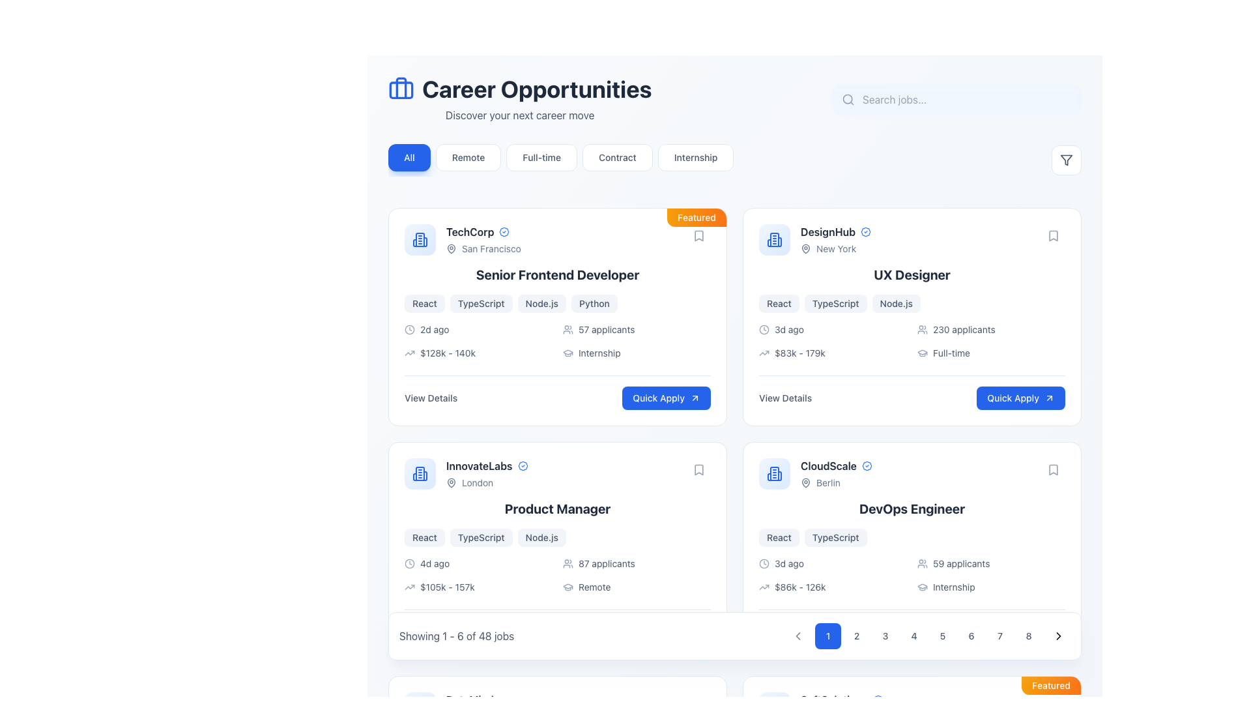 Image resolution: width=1251 pixels, height=704 pixels. Describe the element at coordinates (942, 635) in the screenshot. I see `the circular button labeled '5' in the bottom navigation bar for accessibility navigation` at that location.